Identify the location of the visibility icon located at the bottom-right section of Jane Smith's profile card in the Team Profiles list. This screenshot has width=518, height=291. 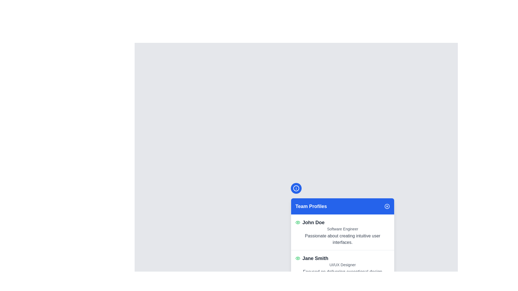
(298, 222).